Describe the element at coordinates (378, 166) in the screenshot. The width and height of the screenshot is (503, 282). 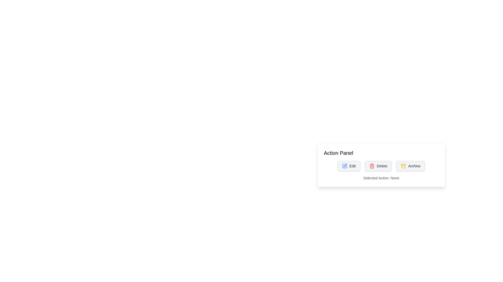
I see `the 'Delete' button with a red trash icon` at that location.